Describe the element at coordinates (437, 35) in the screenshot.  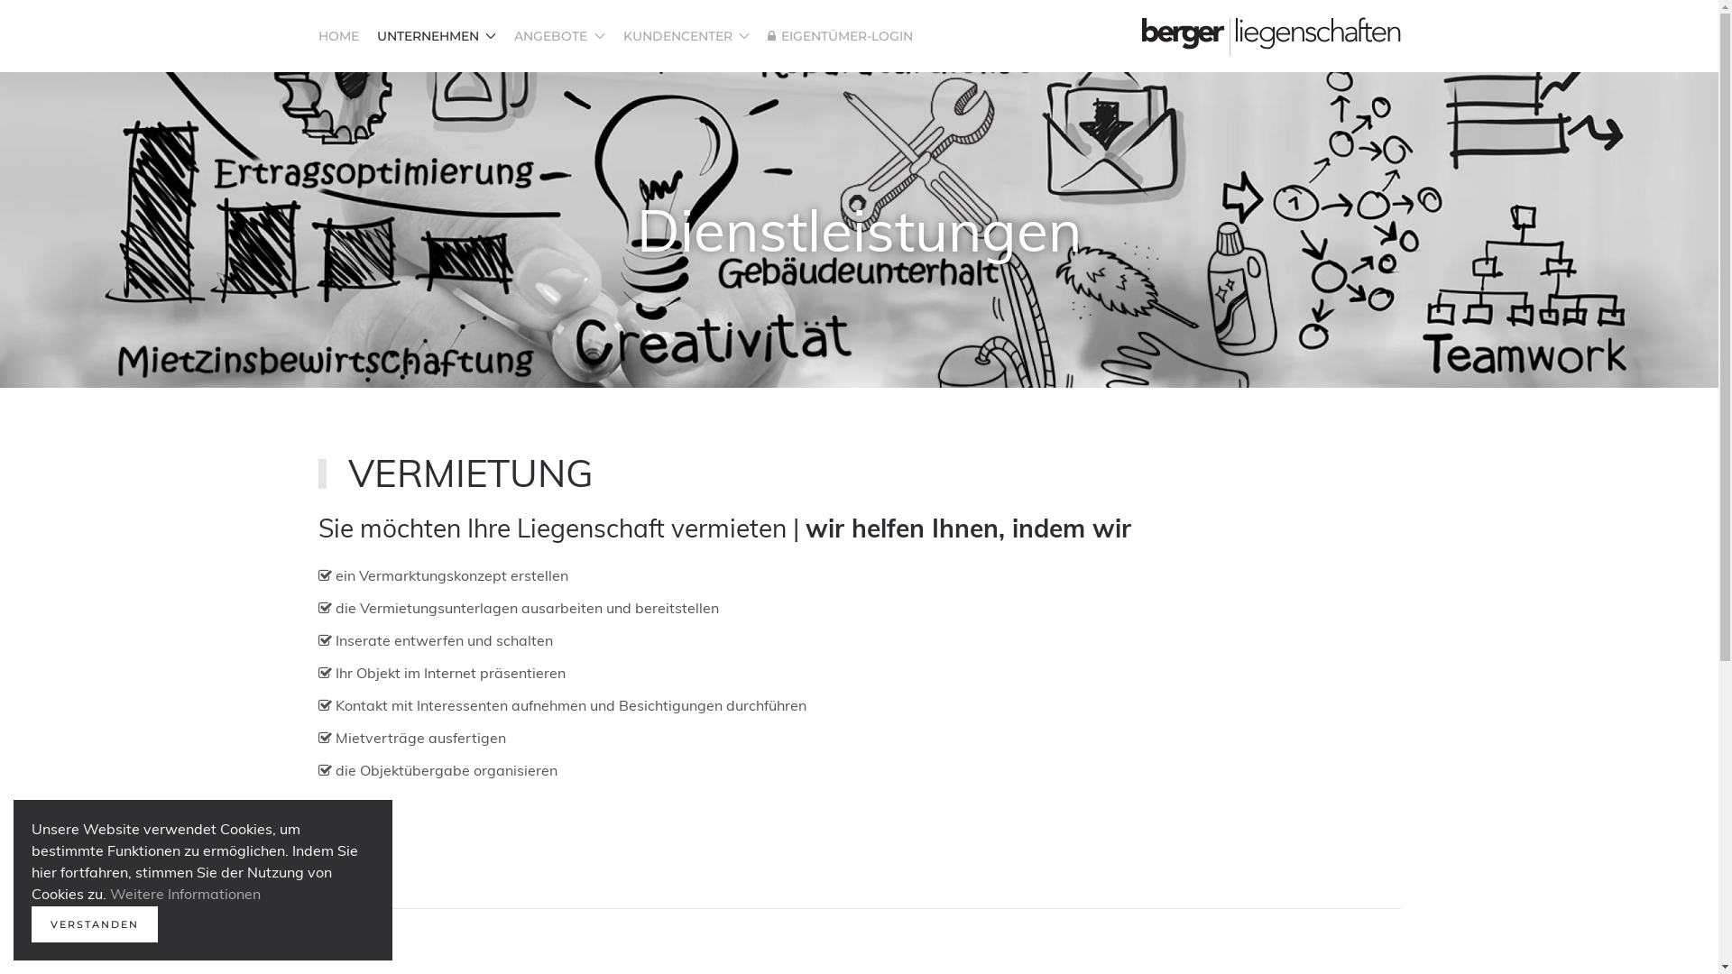
I see `'UNTERNEHMEN'` at that location.